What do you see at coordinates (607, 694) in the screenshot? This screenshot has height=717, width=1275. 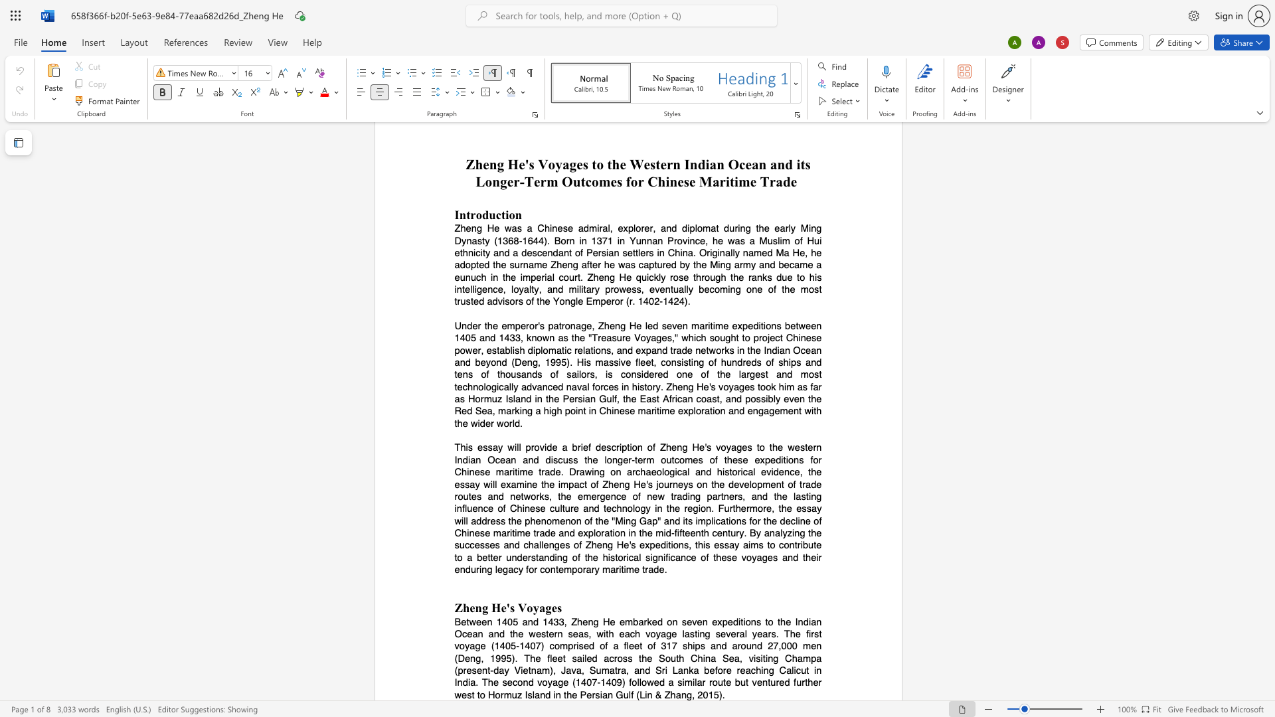 I see `the subset text "n Gulf (Lin & Zhang, 2015)" within the text "in India. The second voyage (1407-1409) followed a similar route but ventured further west to Hormuz Island in the Persian Gulf (Lin & Zhang, 2015)."` at bounding box center [607, 694].